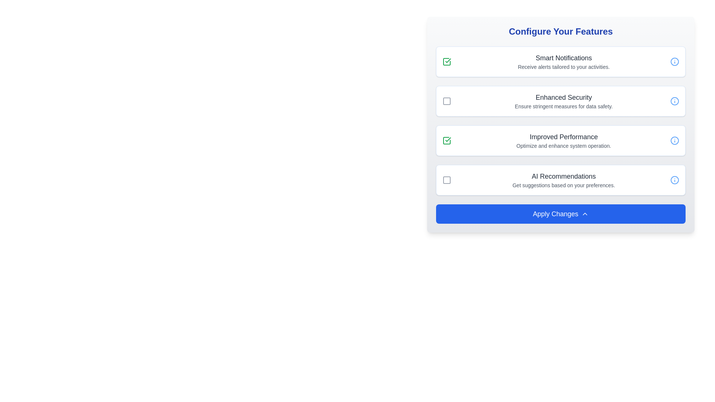 This screenshot has height=402, width=715. I want to click on the checkbox in the 'AI Recommendations' section, so click(561, 180).